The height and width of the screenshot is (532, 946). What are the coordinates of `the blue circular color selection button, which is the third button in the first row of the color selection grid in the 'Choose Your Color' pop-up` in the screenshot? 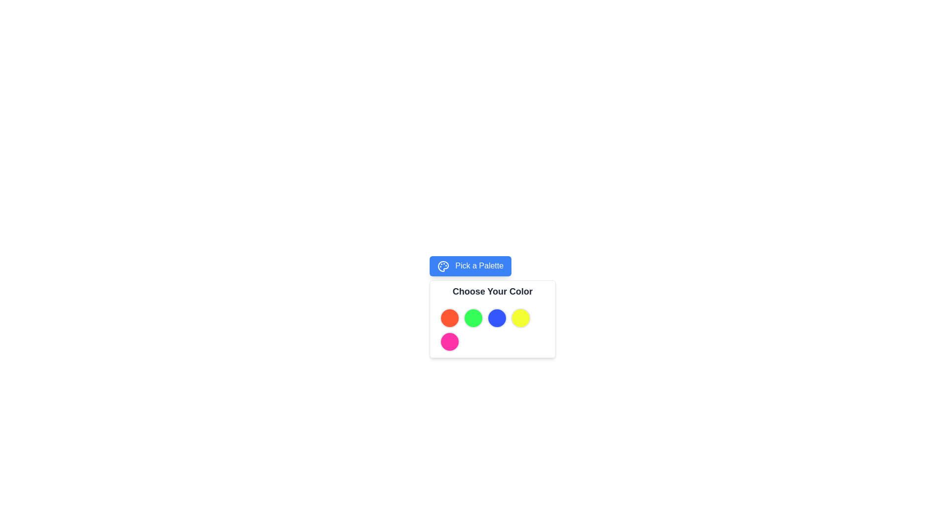 It's located at (492, 319).